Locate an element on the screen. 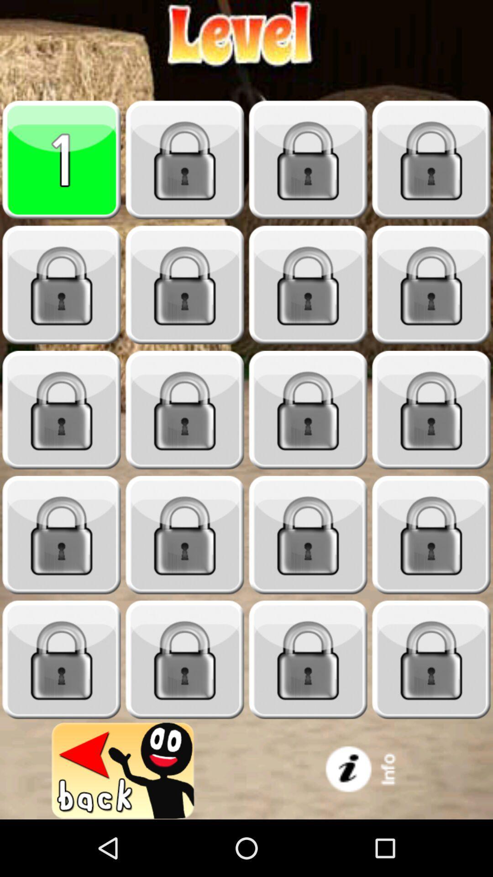 Image resolution: width=493 pixels, height=877 pixels. lock button is located at coordinates (308, 160).